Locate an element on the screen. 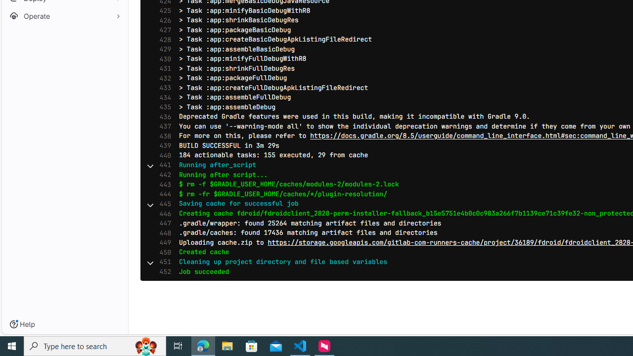  '444' is located at coordinates (163, 194).